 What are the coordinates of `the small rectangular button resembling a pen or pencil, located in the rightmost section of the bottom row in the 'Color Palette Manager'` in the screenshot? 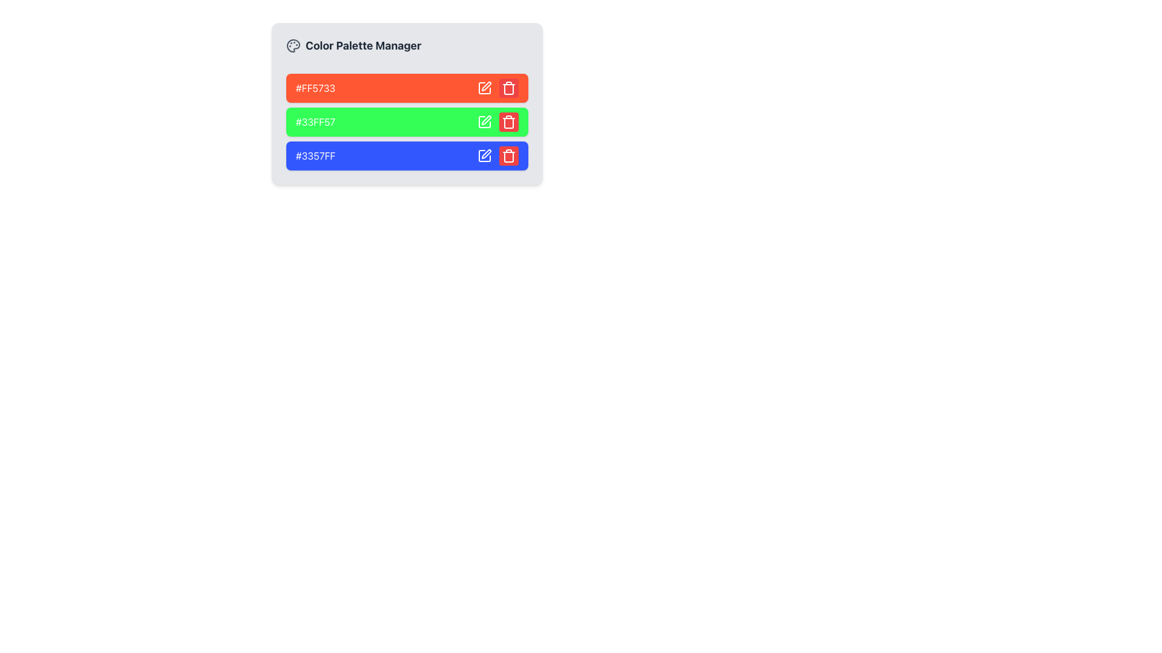 It's located at (485, 155).